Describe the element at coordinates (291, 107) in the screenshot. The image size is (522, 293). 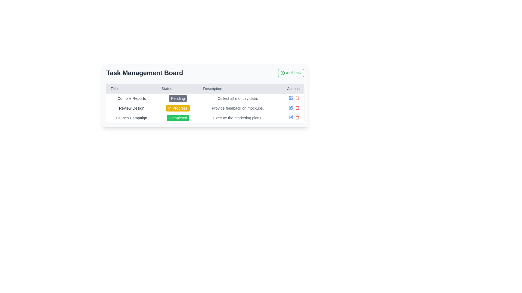
I see `the edit icon button, represented by a pen inside a square, located in the actions section of the 'Launch Campaign' task row` at that location.